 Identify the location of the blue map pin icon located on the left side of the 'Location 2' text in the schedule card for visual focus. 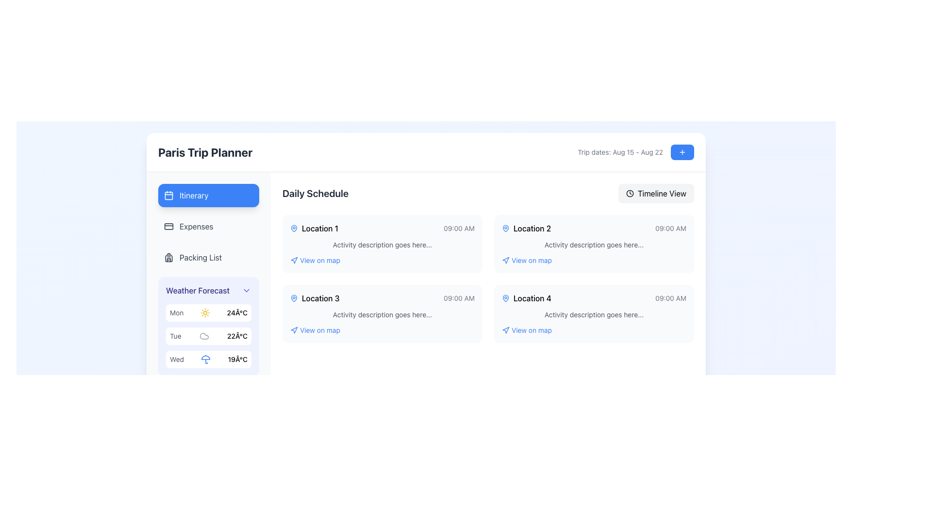
(505, 228).